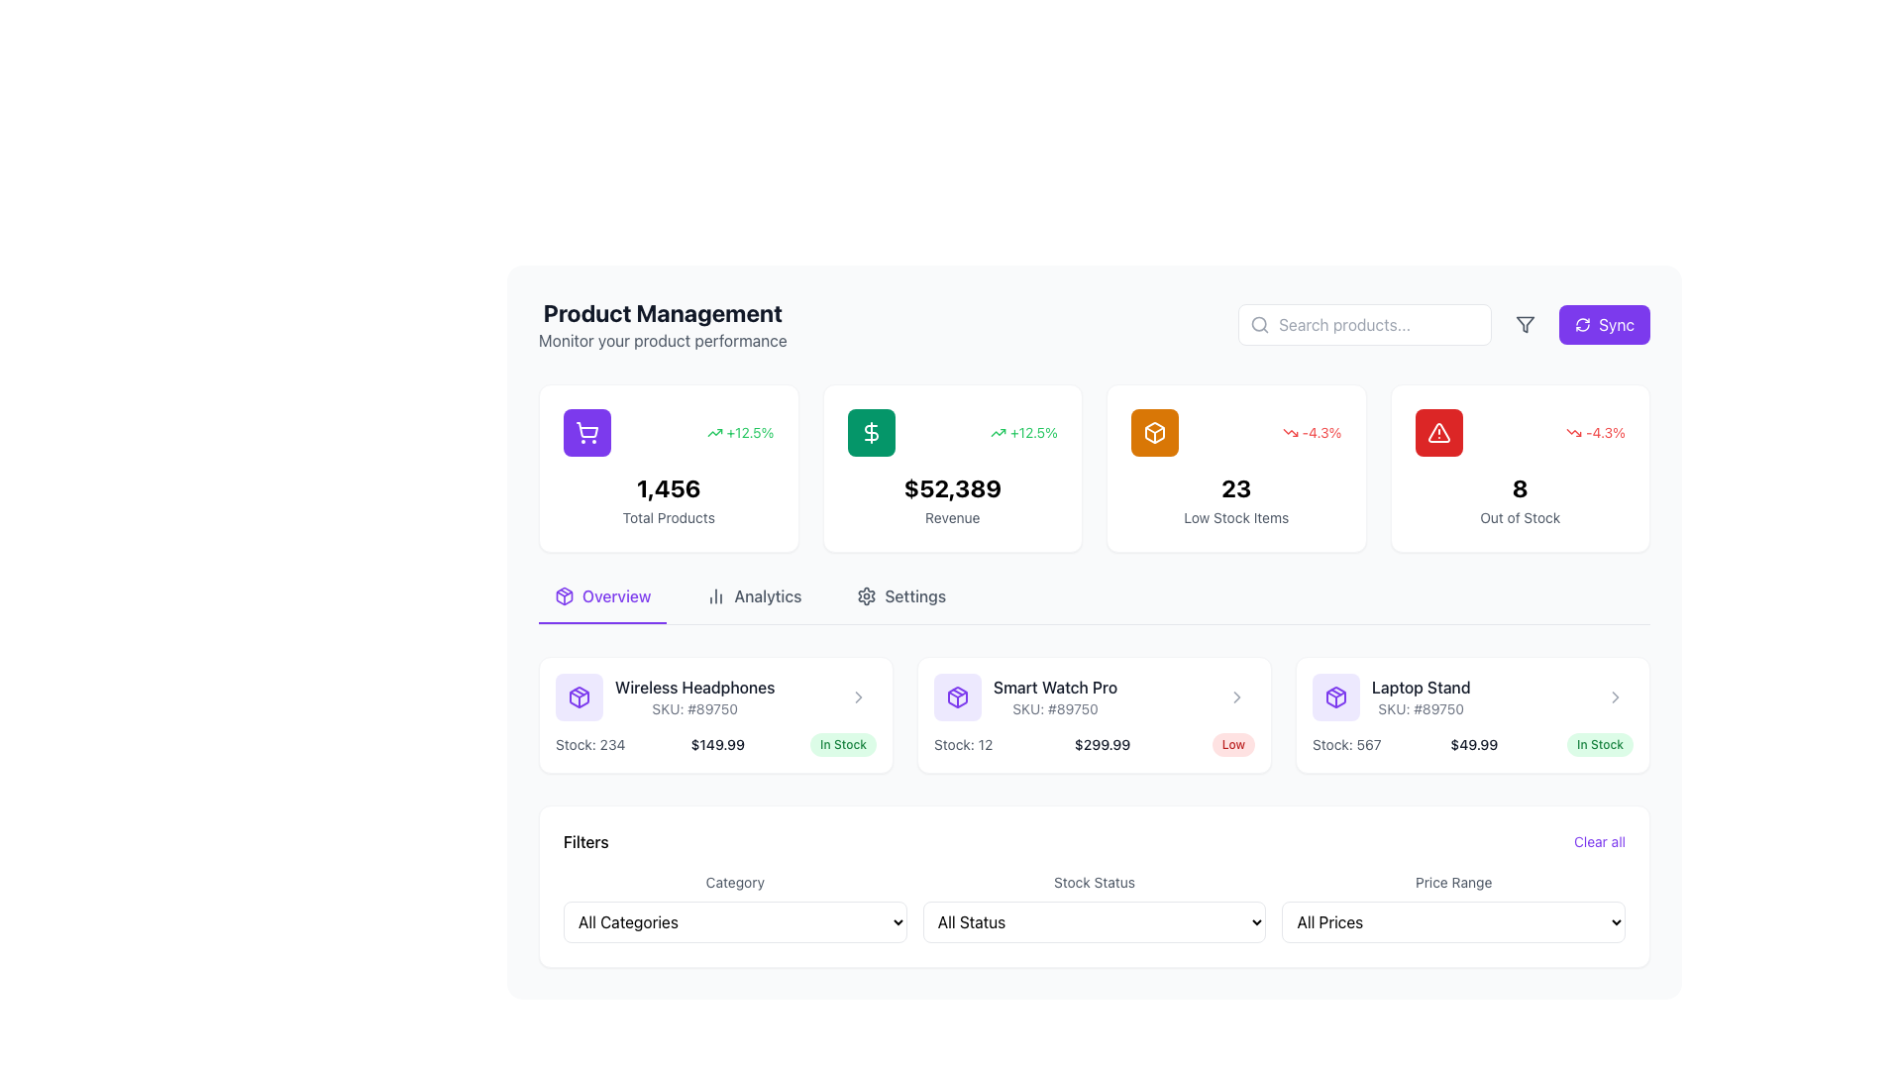 Image resolution: width=1902 pixels, height=1070 pixels. I want to click on the decorative horizontal line that highlights the currently selected 'Overview' tab in the navigation interface, so click(601, 621).